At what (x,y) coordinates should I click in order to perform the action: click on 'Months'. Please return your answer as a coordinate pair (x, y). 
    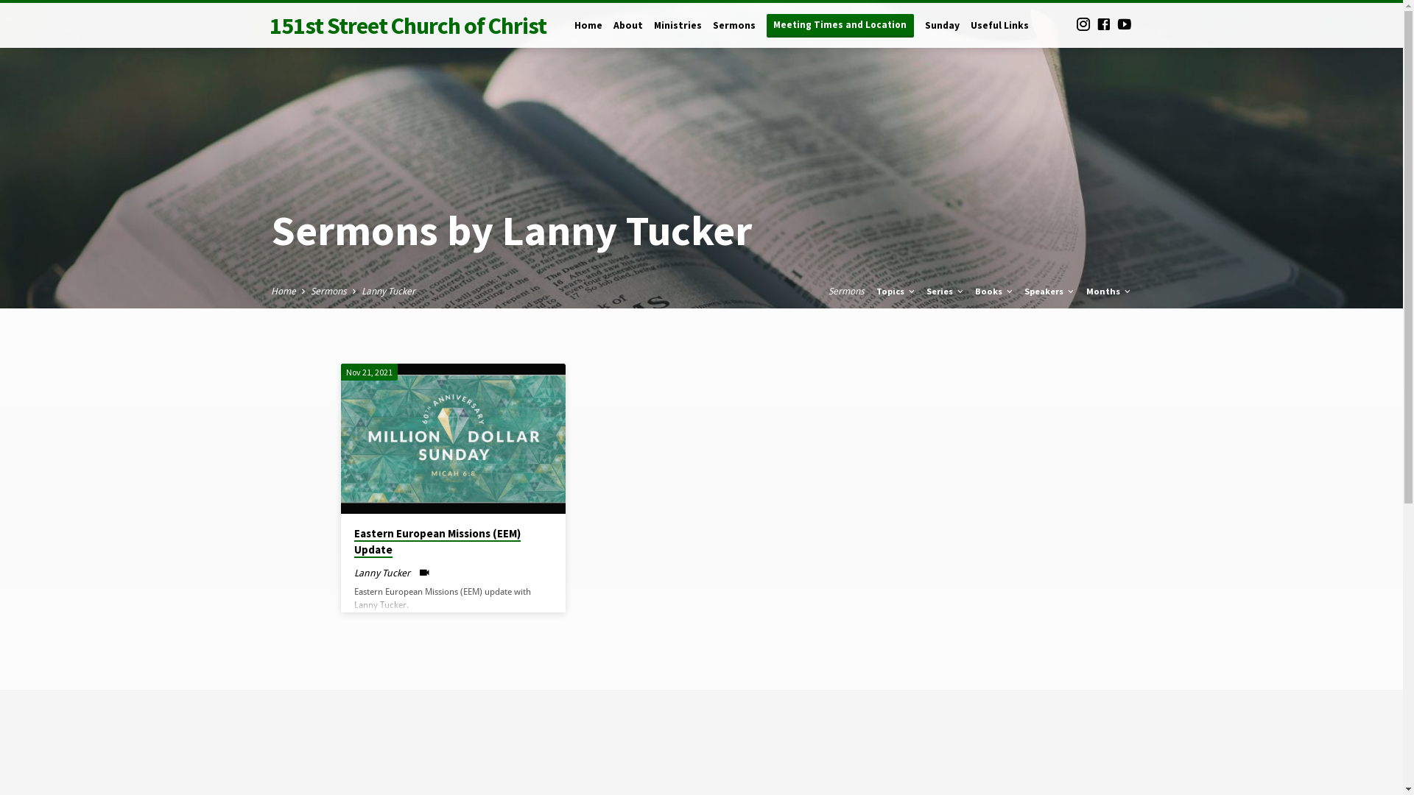
    Looking at the image, I should click on (1108, 291).